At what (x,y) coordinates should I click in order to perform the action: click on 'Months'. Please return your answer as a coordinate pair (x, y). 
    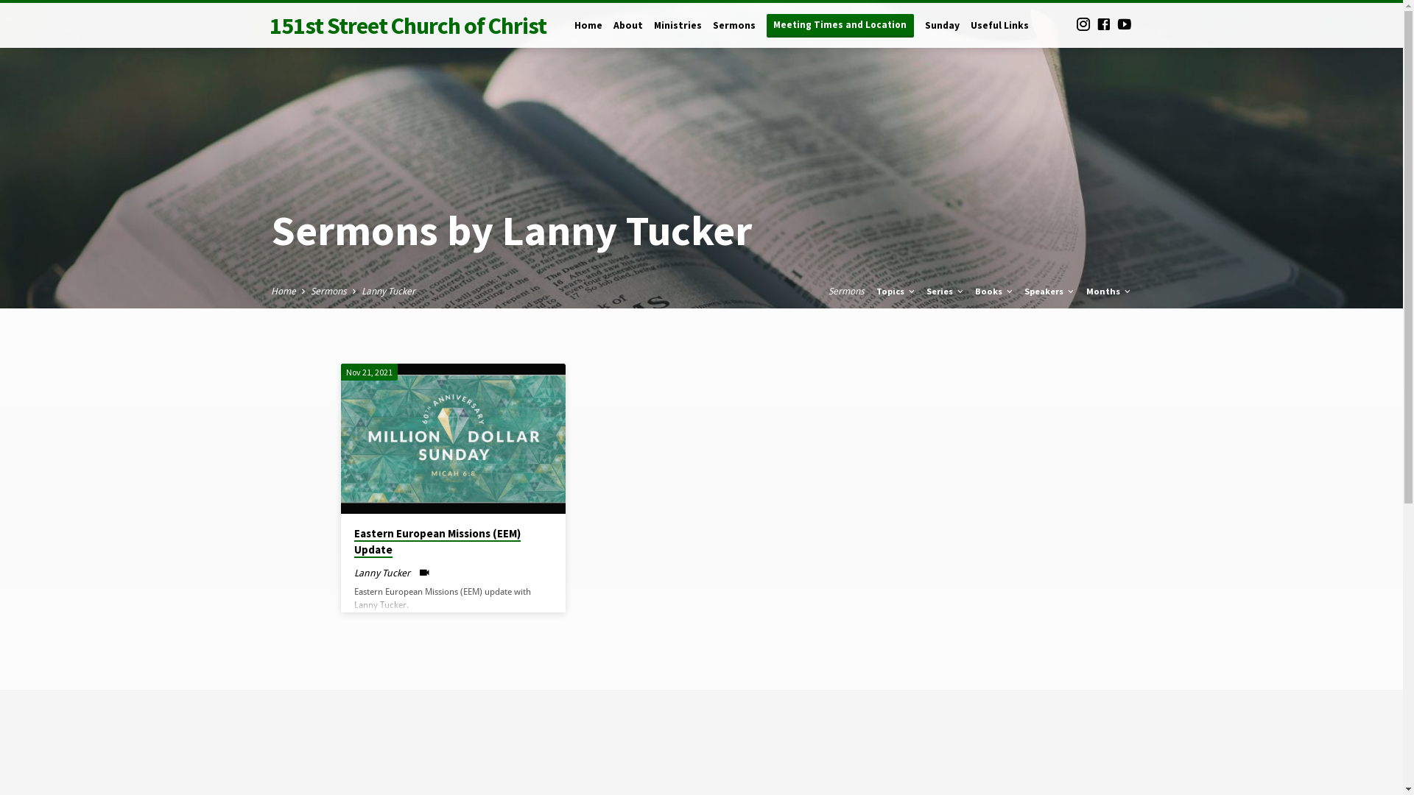
    Looking at the image, I should click on (1108, 291).